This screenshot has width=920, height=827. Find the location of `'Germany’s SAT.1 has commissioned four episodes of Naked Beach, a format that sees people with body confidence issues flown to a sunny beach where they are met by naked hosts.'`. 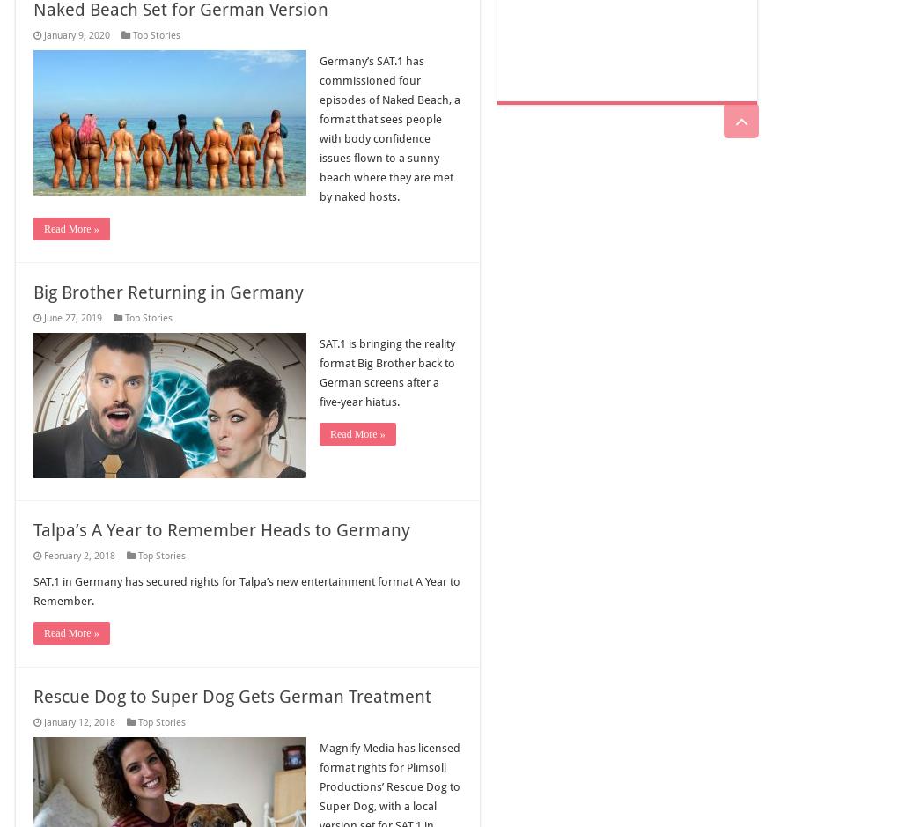

'Germany’s SAT.1 has commissioned four episodes of Naked Beach, a format that sees people with body confidence issues flown to a sunny beach where they are met by naked hosts.' is located at coordinates (389, 129).